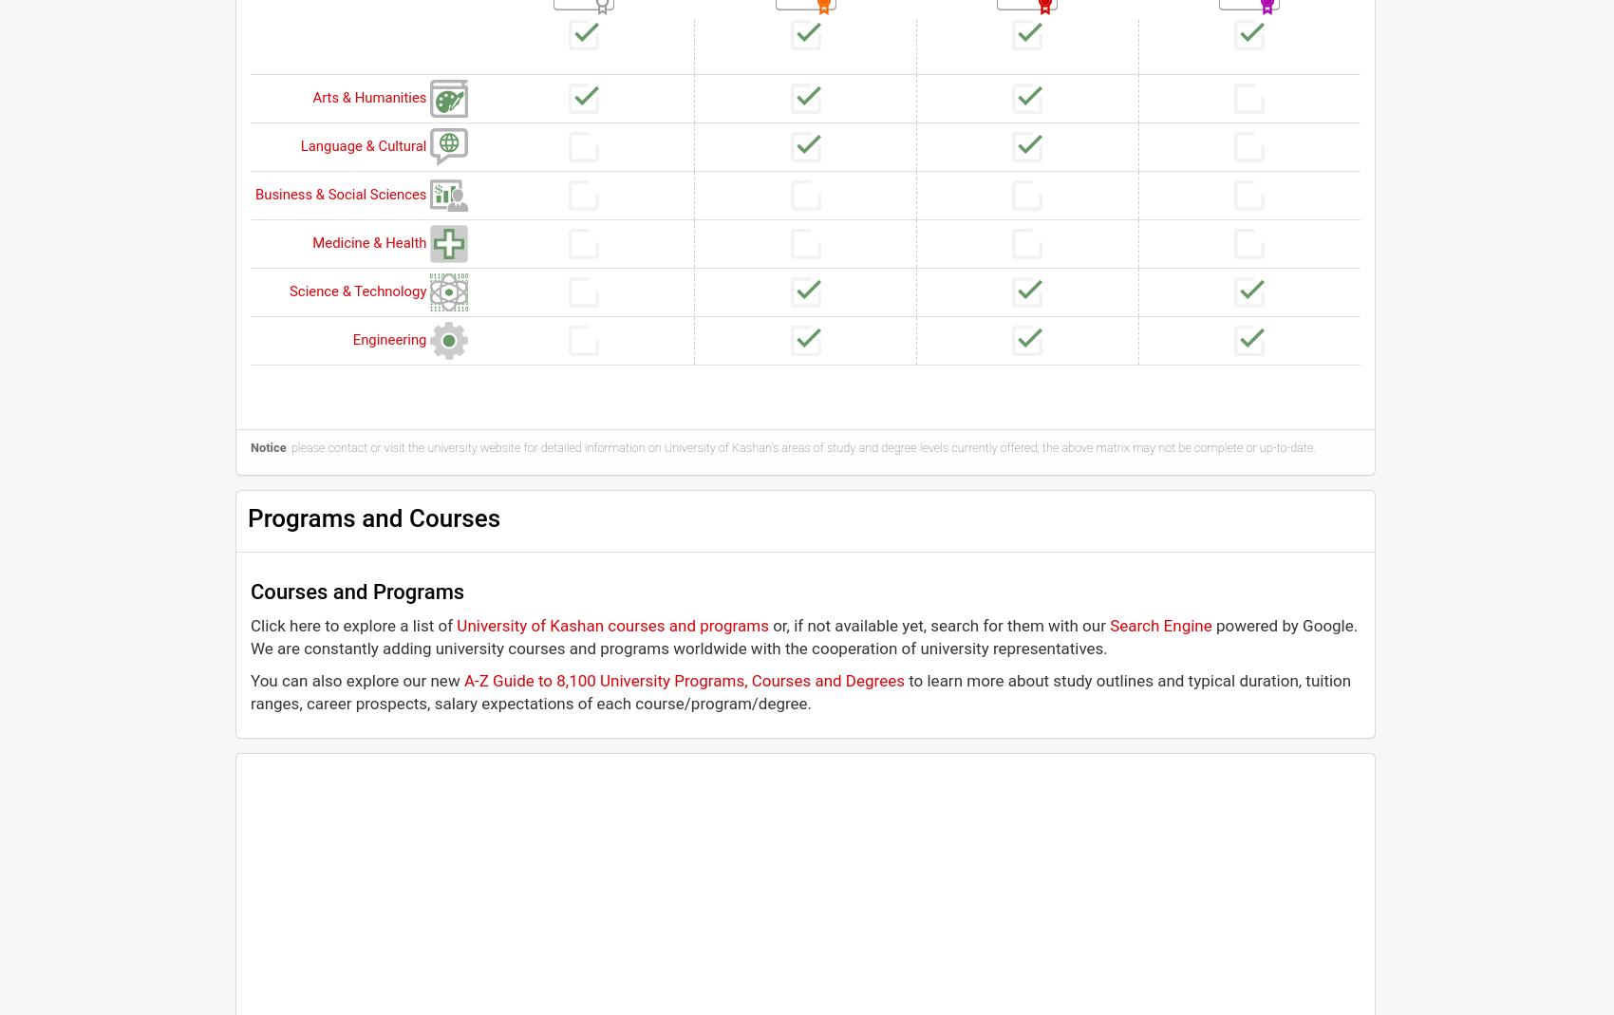 This screenshot has width=1614, height=1015. Describe the element at coordinates (683, 679) in the screenshot. I see `'A-Z Guide to 8,100 University Programs, Courses and Degrees'` at that location.